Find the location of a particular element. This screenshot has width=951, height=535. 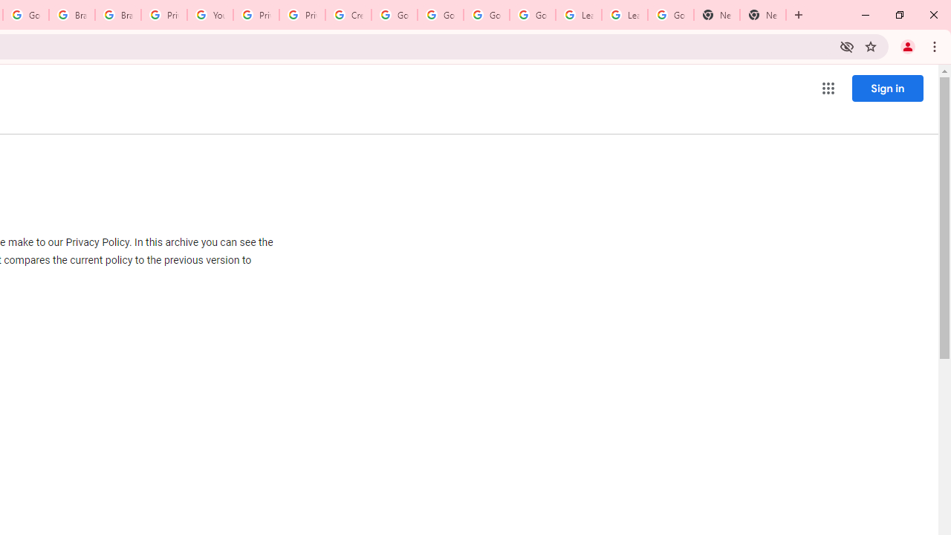

'Google Account Help' is located at coordinates (395, 15).